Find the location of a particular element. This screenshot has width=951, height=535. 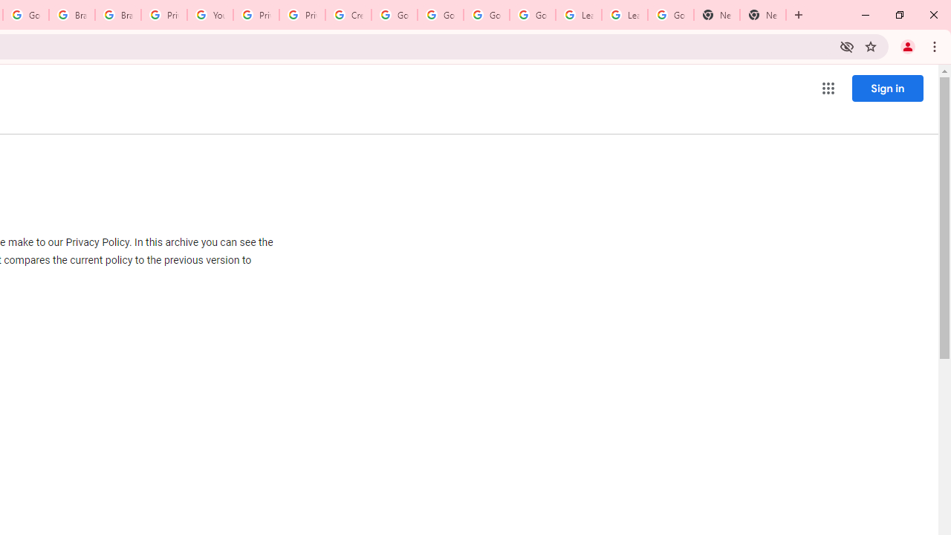

'Google Account Help' is located at coordinates (395, 15).